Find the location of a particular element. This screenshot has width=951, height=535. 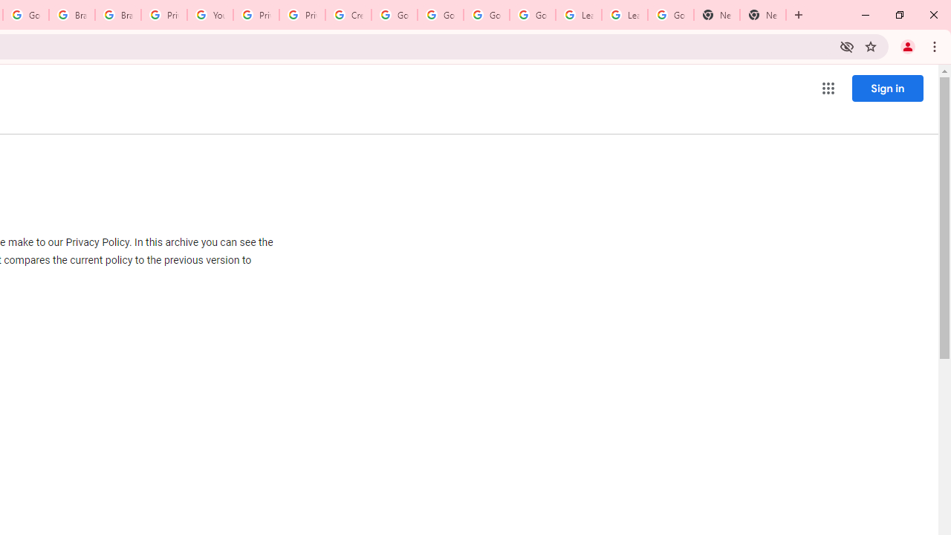

'Google Account Help' is located at coordinates (395, 15).